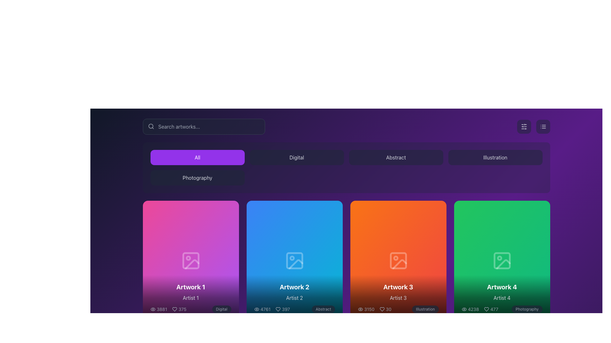 The image size is (611, 343). I want to click on the magnifying glass icon, so click(150, 126).